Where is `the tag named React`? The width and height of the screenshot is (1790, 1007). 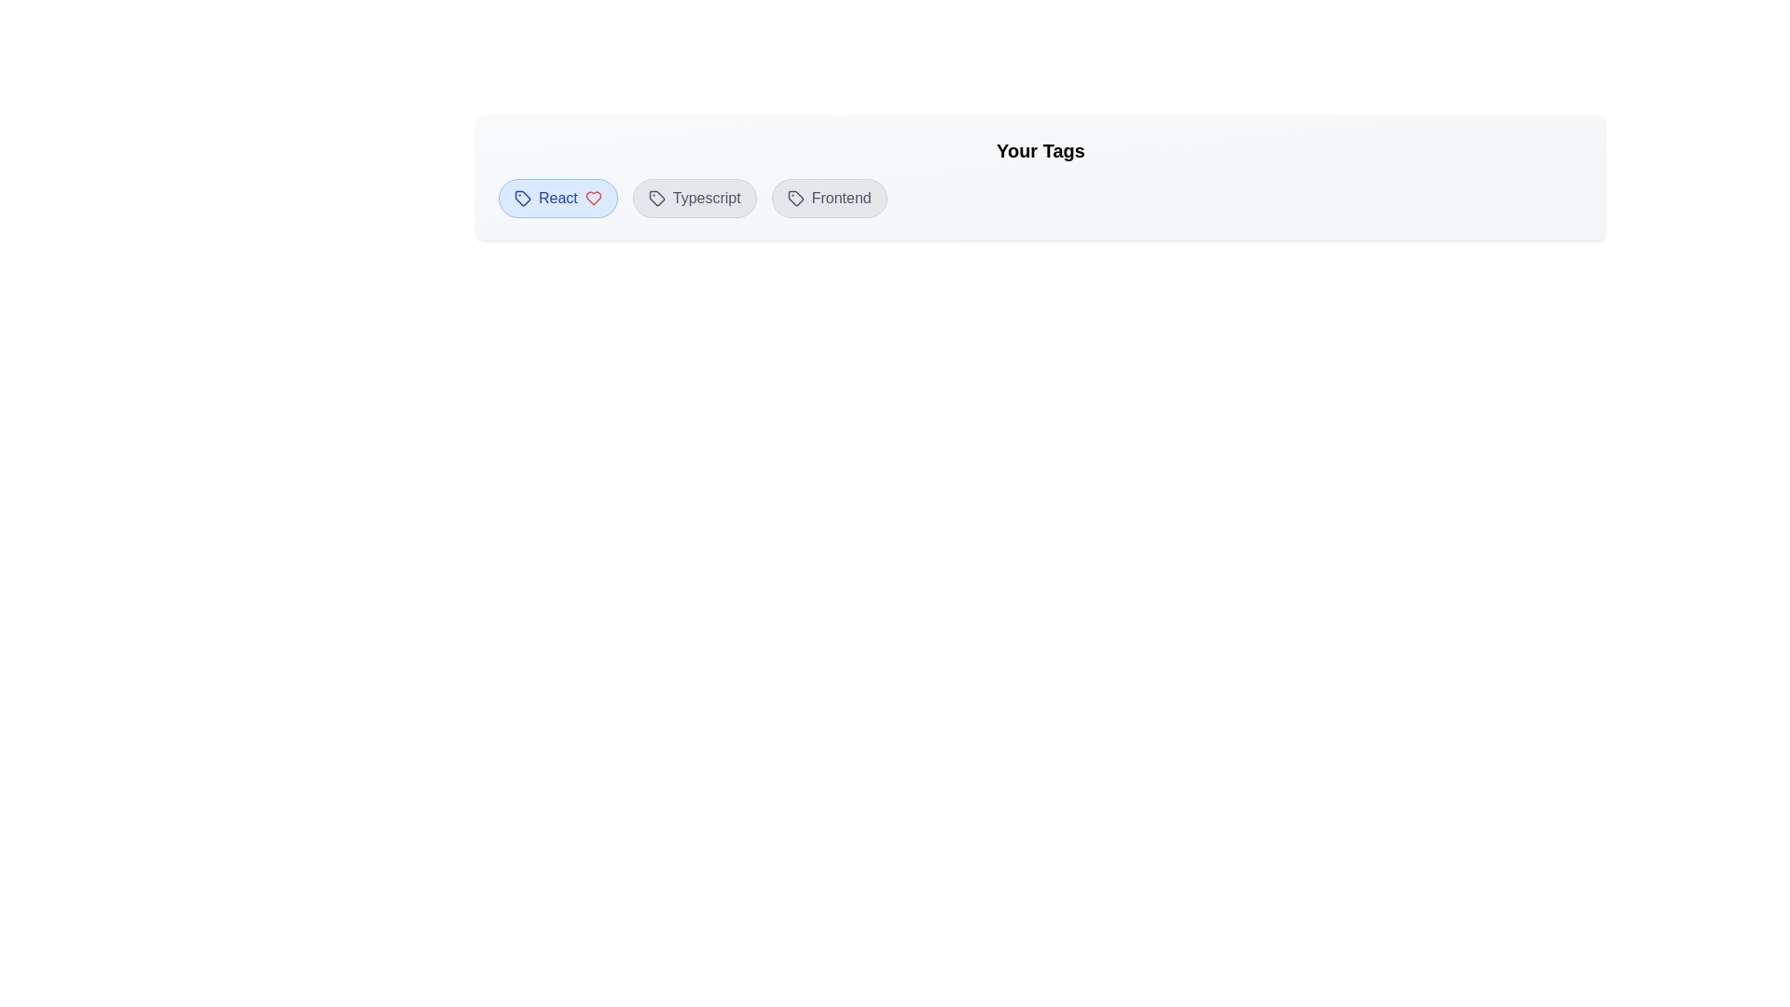 the tag named React is located at coordinates (557, 198).